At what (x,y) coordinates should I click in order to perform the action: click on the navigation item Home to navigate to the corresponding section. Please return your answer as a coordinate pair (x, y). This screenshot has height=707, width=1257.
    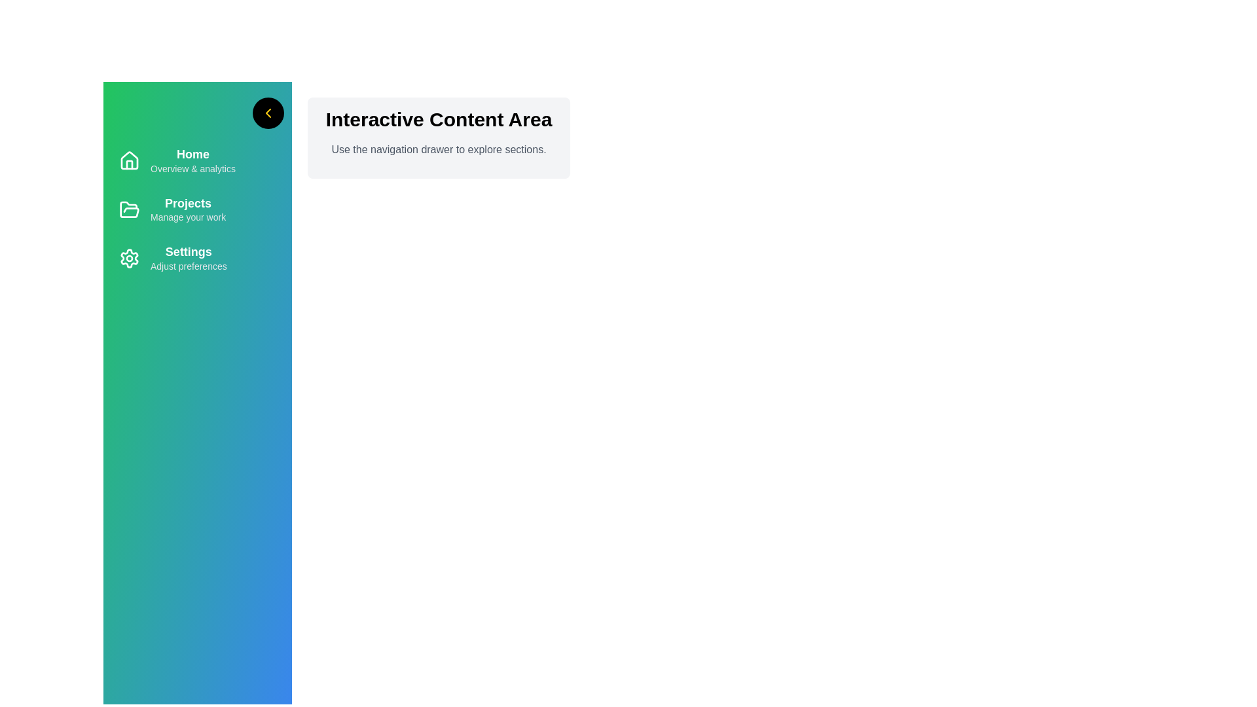
    Looking at the image, I should click on (197, 160).